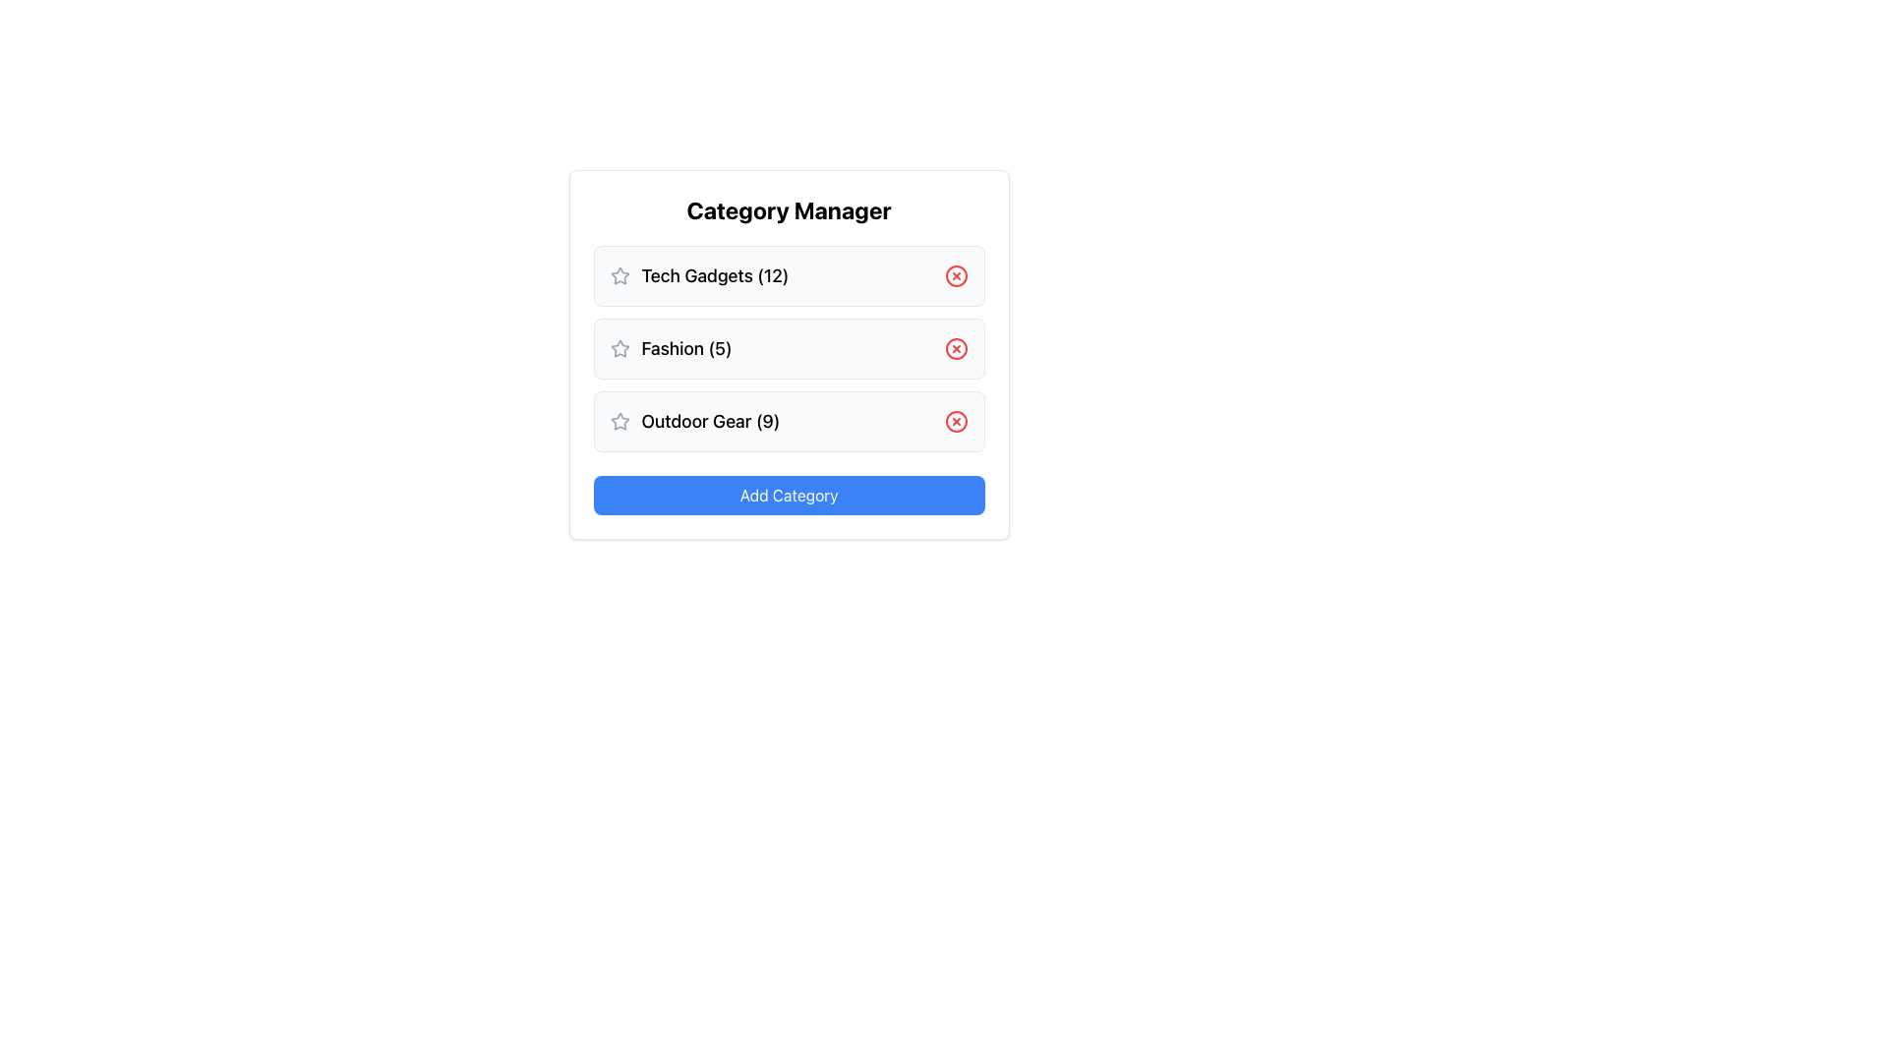  Describe the element at coordinates (619, 420) in the screenshot. I see `the unselected star-shaped icon located to the left of the label 'Outdoor Gear (9)' in the third row of the category listings` at that location.